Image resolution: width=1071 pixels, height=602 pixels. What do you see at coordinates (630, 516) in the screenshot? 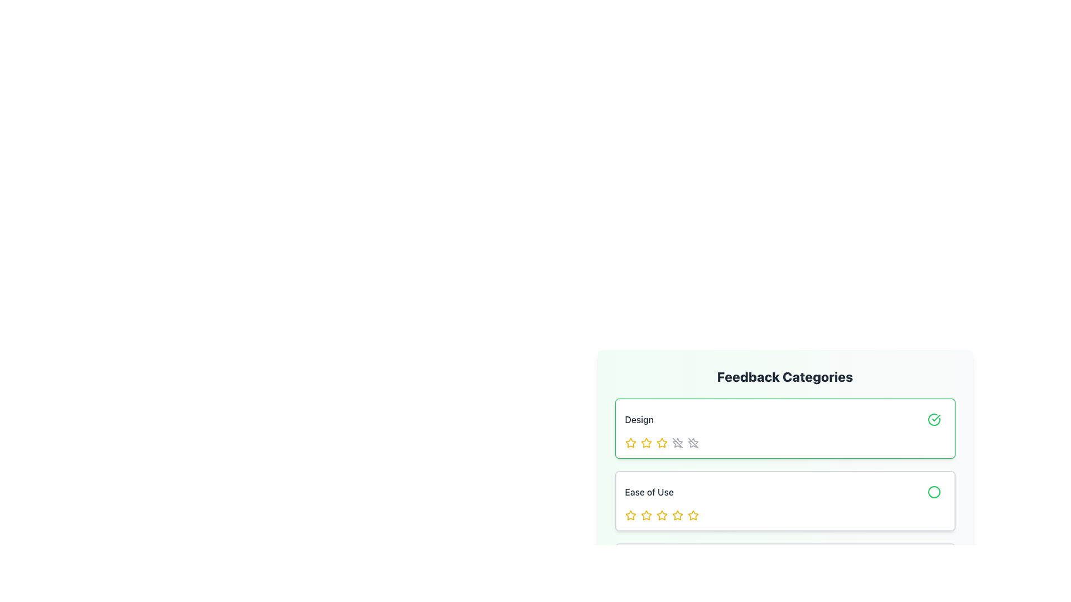
I see `the first clickable star icon in the 'Ease of Use' feedback section to prepare for rating` at bounding box center [630, 516].